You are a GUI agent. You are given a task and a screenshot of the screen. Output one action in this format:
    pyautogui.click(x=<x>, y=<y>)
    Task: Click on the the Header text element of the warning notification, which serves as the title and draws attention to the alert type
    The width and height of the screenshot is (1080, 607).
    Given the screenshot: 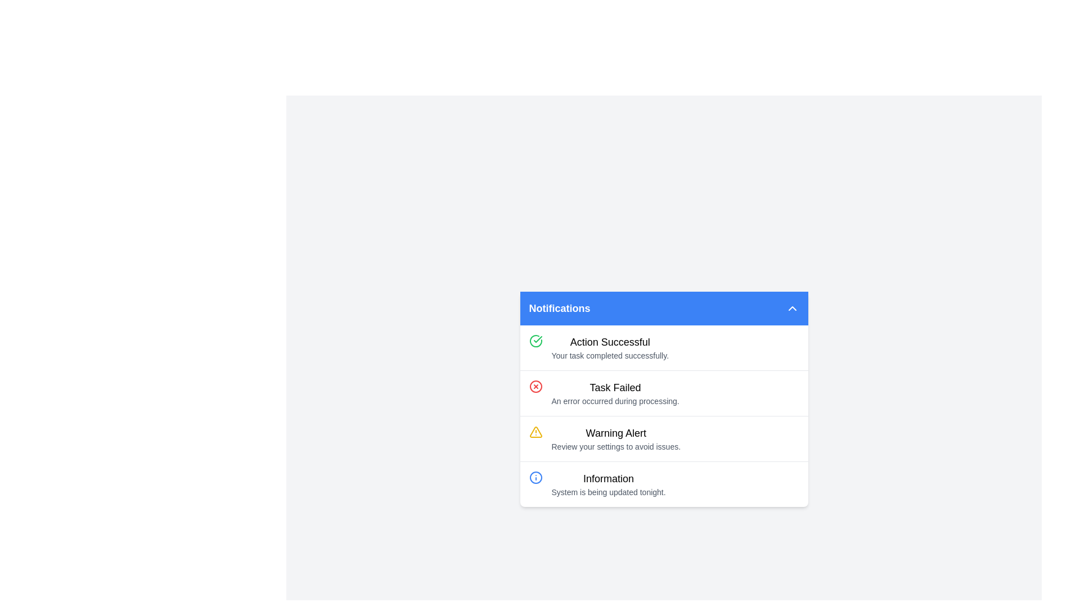 What is the action you would take?
    pyautogui.click(x=615, y=432)
    